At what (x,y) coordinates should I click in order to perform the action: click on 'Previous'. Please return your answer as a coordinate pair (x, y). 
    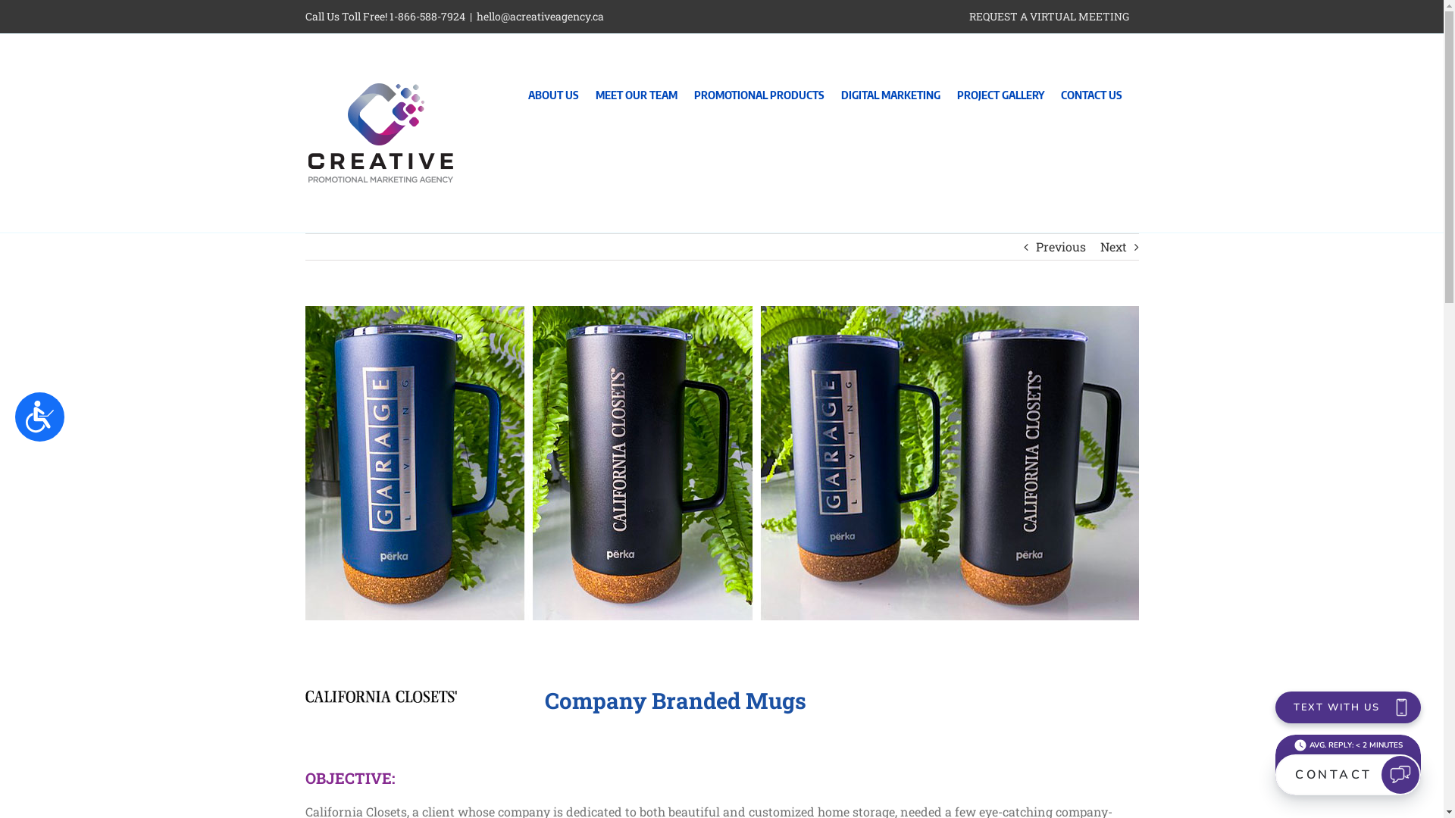
    Looking at the image, I should click on (1059, 246).